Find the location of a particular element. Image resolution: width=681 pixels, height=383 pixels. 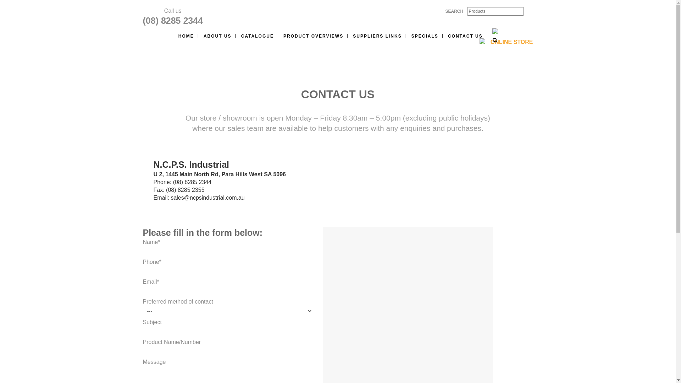

'ABOUT US' is located at coordinates (217, 36).